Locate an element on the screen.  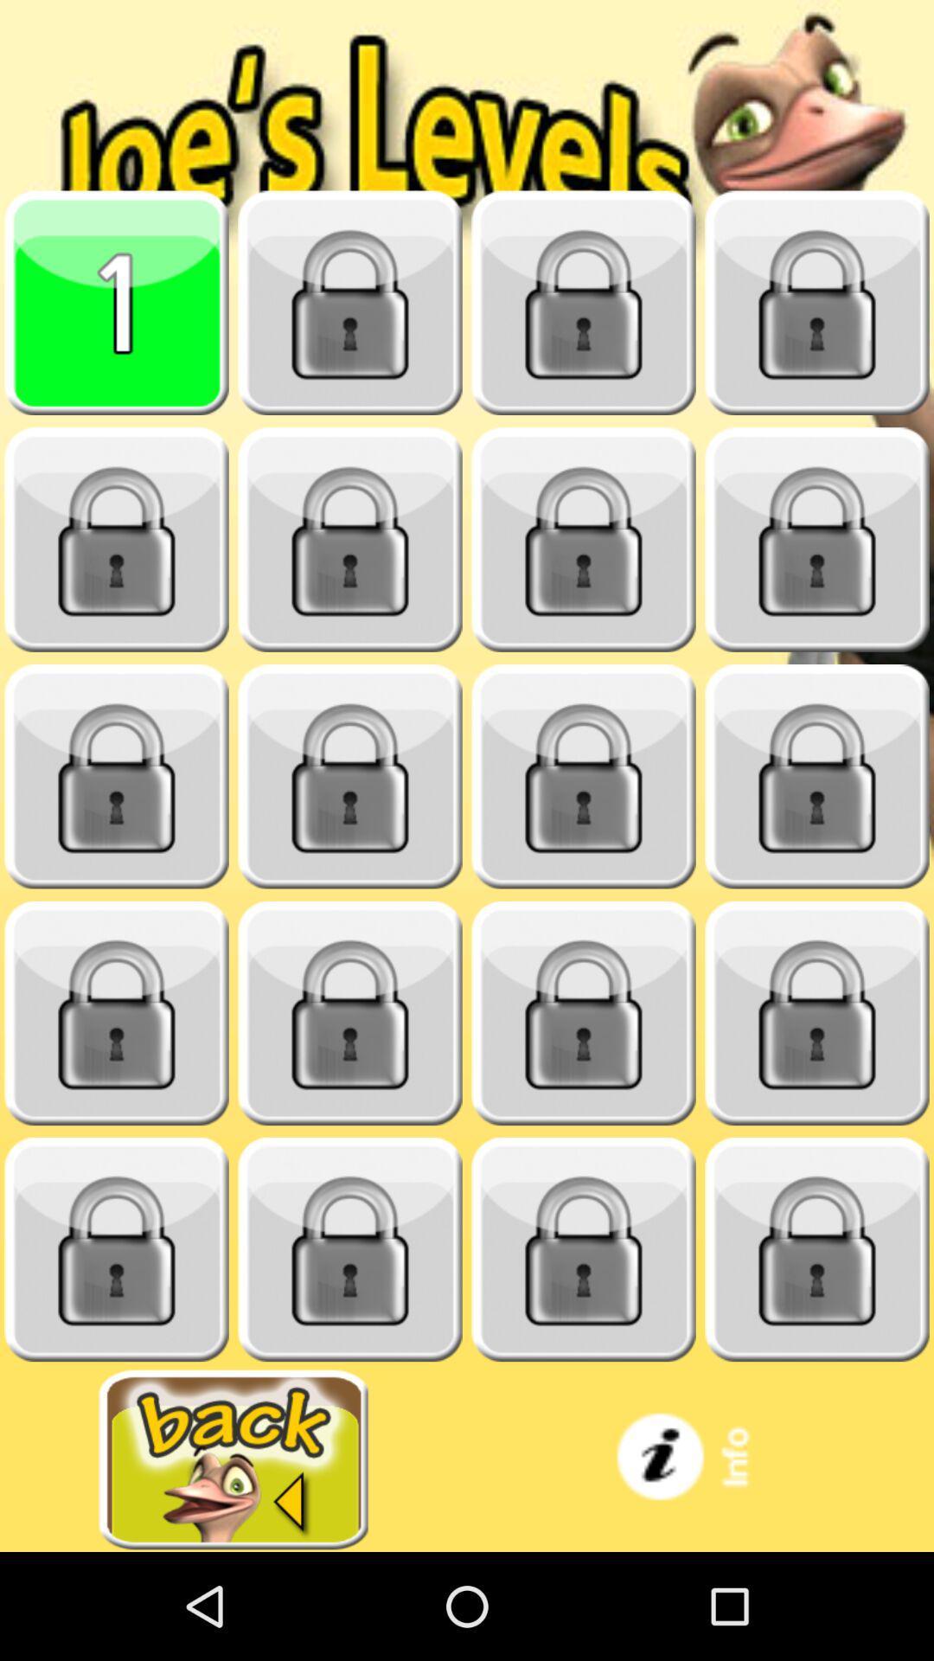
locked is located at coordinates (817, 1249).